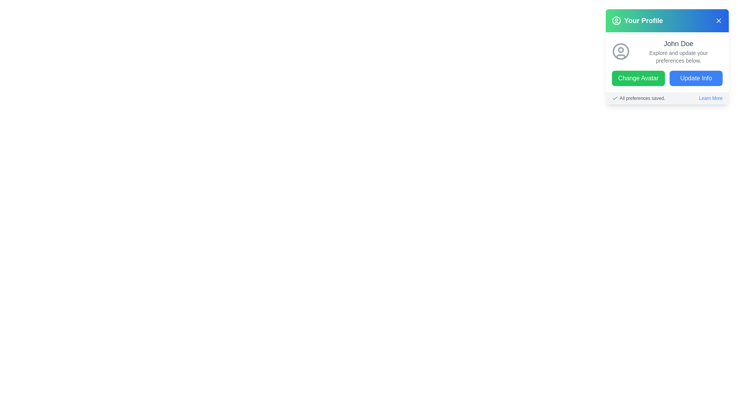 The image size is (738, 415). What do you see at coordinates (643, 20) in the screenshot?
I see `text from the header label positioned in the top-left corner of the user profile card, located to the right of the user's profile icon` at bounding box center [643, 20].